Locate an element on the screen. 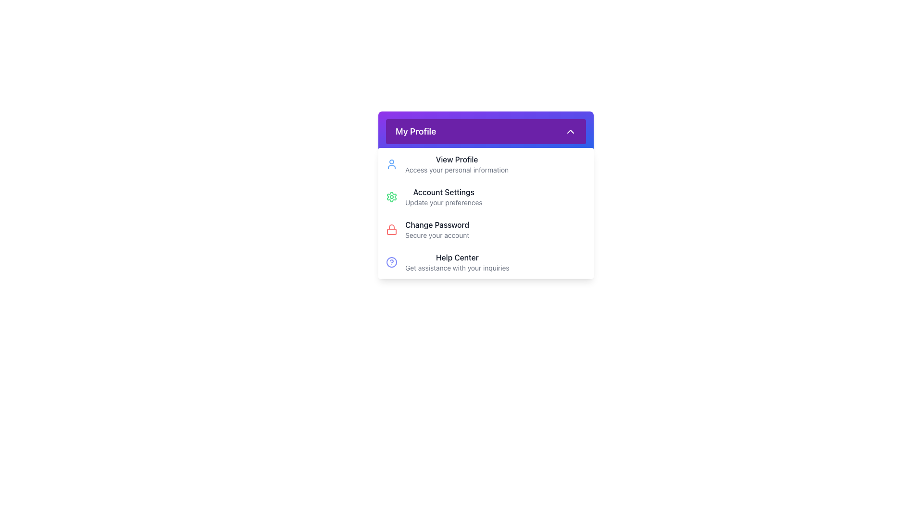  the 'View Profile' menu item in the dropdown menu is located at coordinates (486, 164).